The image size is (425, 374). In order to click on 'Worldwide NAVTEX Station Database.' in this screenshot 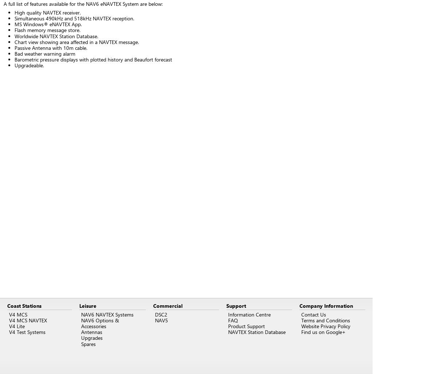, I will do `click(14, 35)`.